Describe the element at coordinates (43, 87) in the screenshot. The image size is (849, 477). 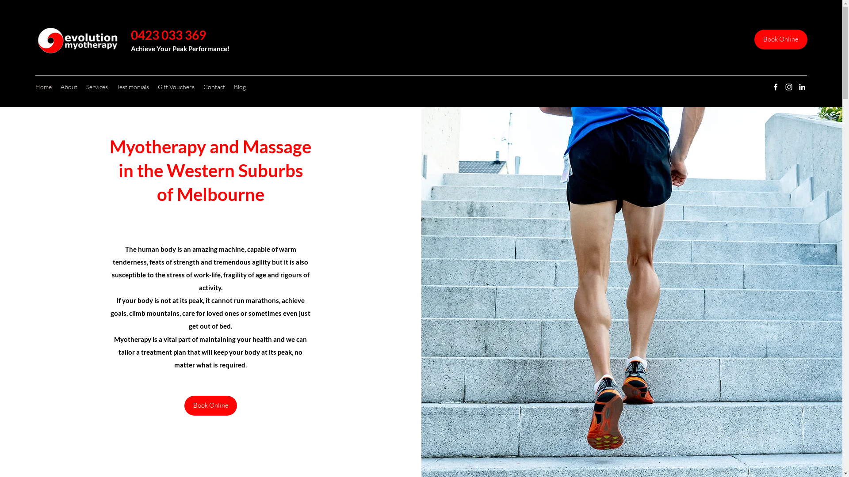
I see `'Home'` at that location.